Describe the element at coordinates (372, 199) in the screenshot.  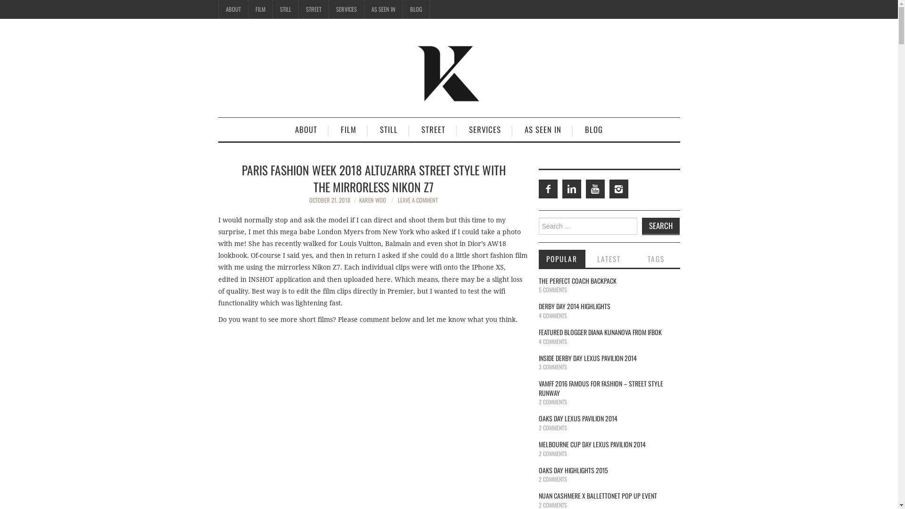
I see `'KAREN WOO'` at that location.